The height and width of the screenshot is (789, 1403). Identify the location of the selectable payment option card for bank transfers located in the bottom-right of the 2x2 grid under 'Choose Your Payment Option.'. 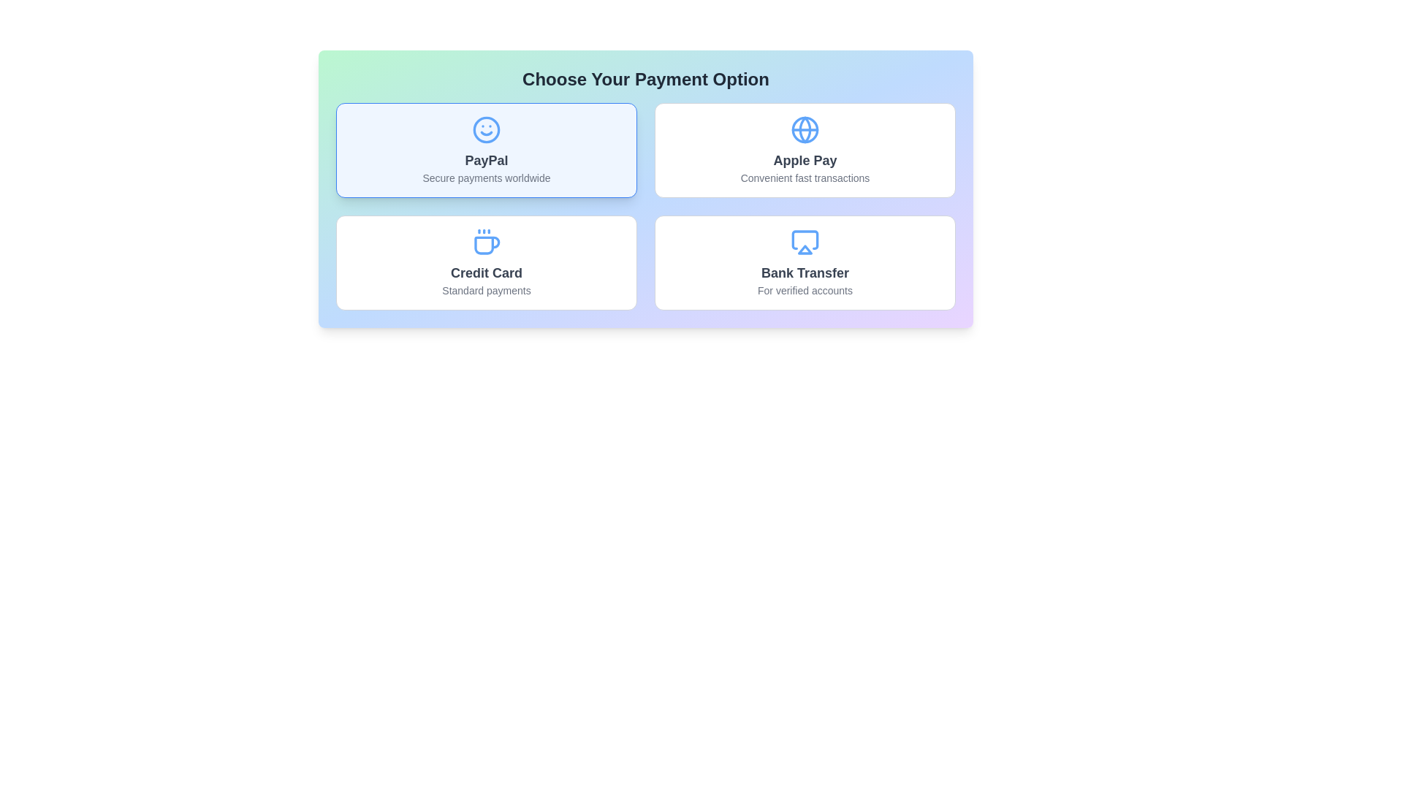
(805, 262).